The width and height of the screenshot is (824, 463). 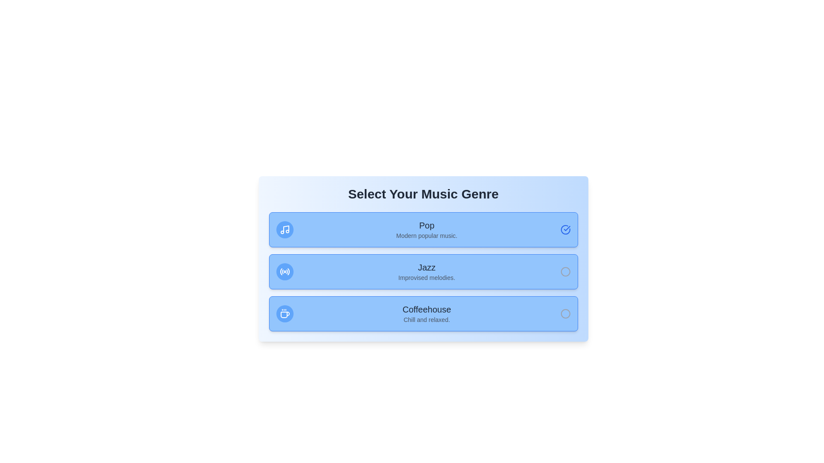 I want to click on the second curved line in the SVG graphic, which is part of a circular design and has a thin stroke width, so click(x=282, y=271).